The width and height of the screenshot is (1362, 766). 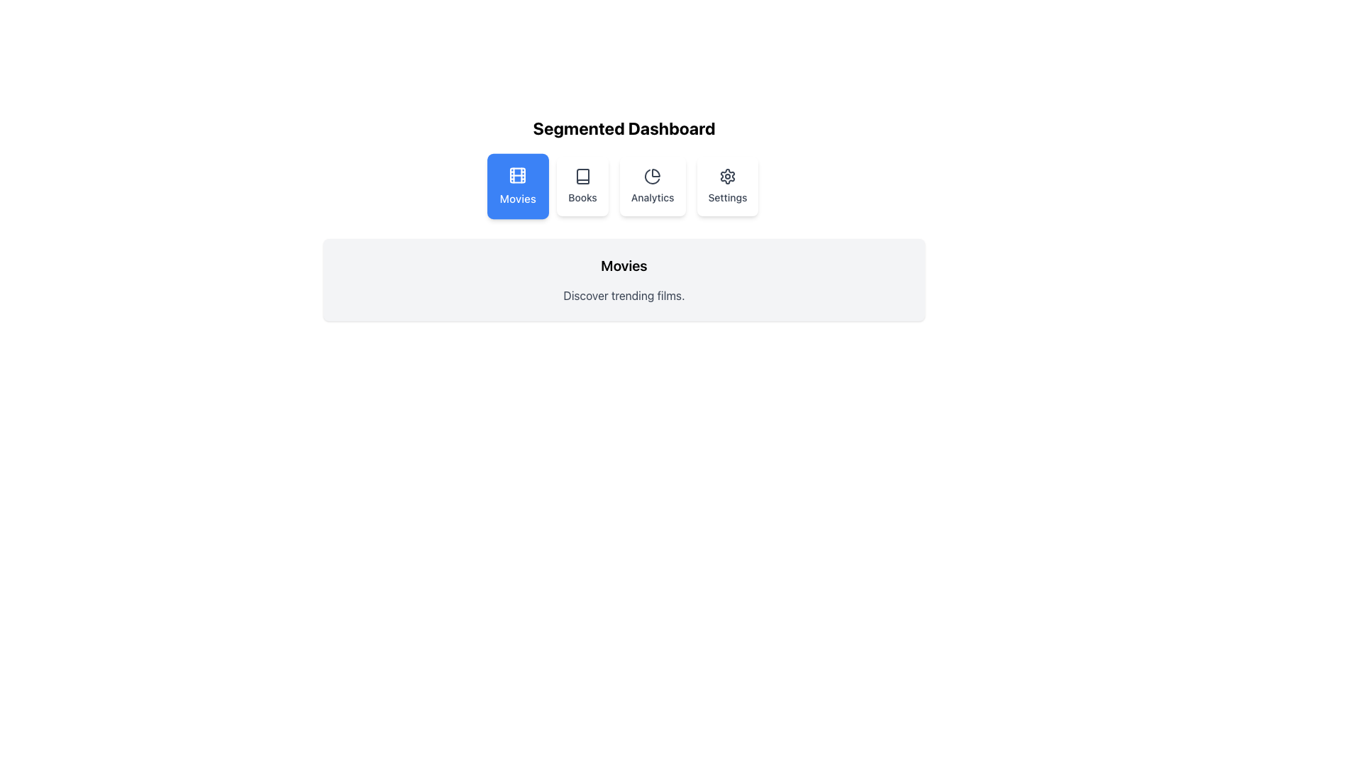 What do you see at coordinates (582, 176) in the screenshot?
I see `the 'Books' button in the horizontal segmented menu bar that contains the icon of an open book, positioned between 'Movies' and 'Analytics'` at bounding box center [582, 176].